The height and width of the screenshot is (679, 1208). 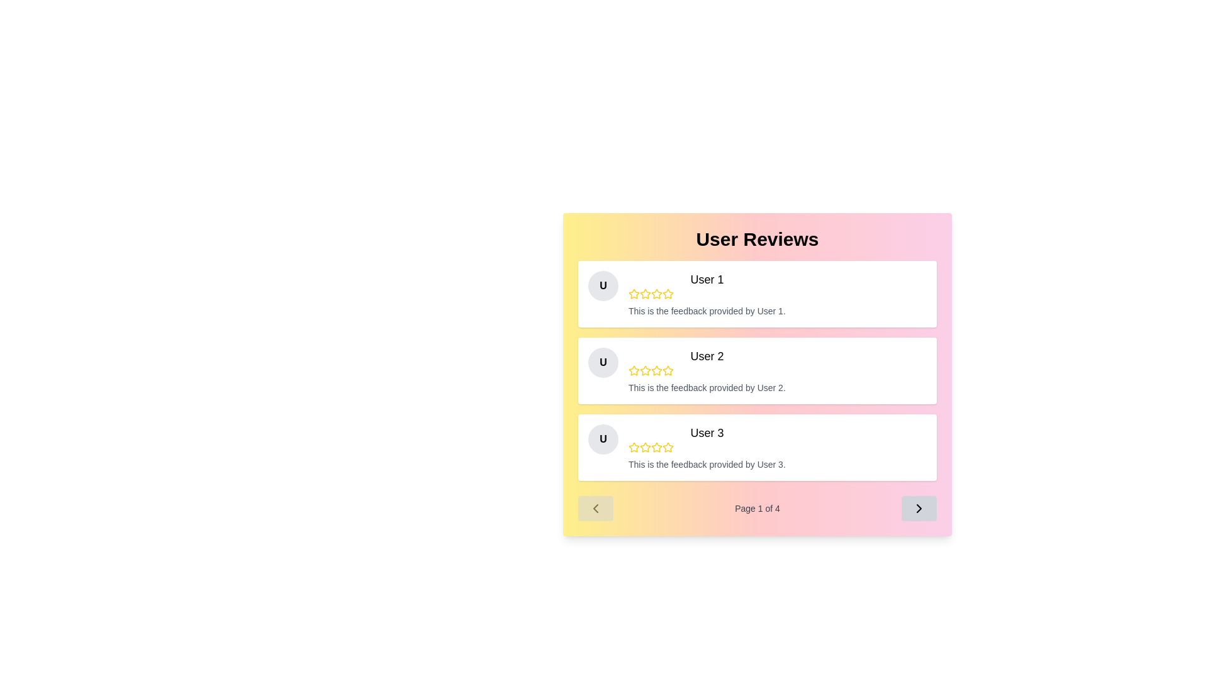 What do you see at coordinates (707, 387) in the screenshot?
I see `feedback text displayed for 'User 2' in the second feedback card, located below the user's name and rating stars` at bounding box center [707, 387].